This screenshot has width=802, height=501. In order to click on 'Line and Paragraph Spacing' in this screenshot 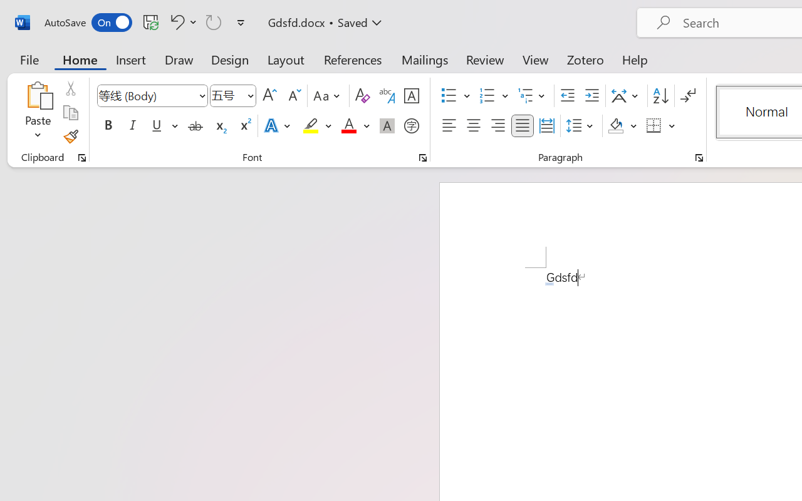, I will do `click(581, 126)`.